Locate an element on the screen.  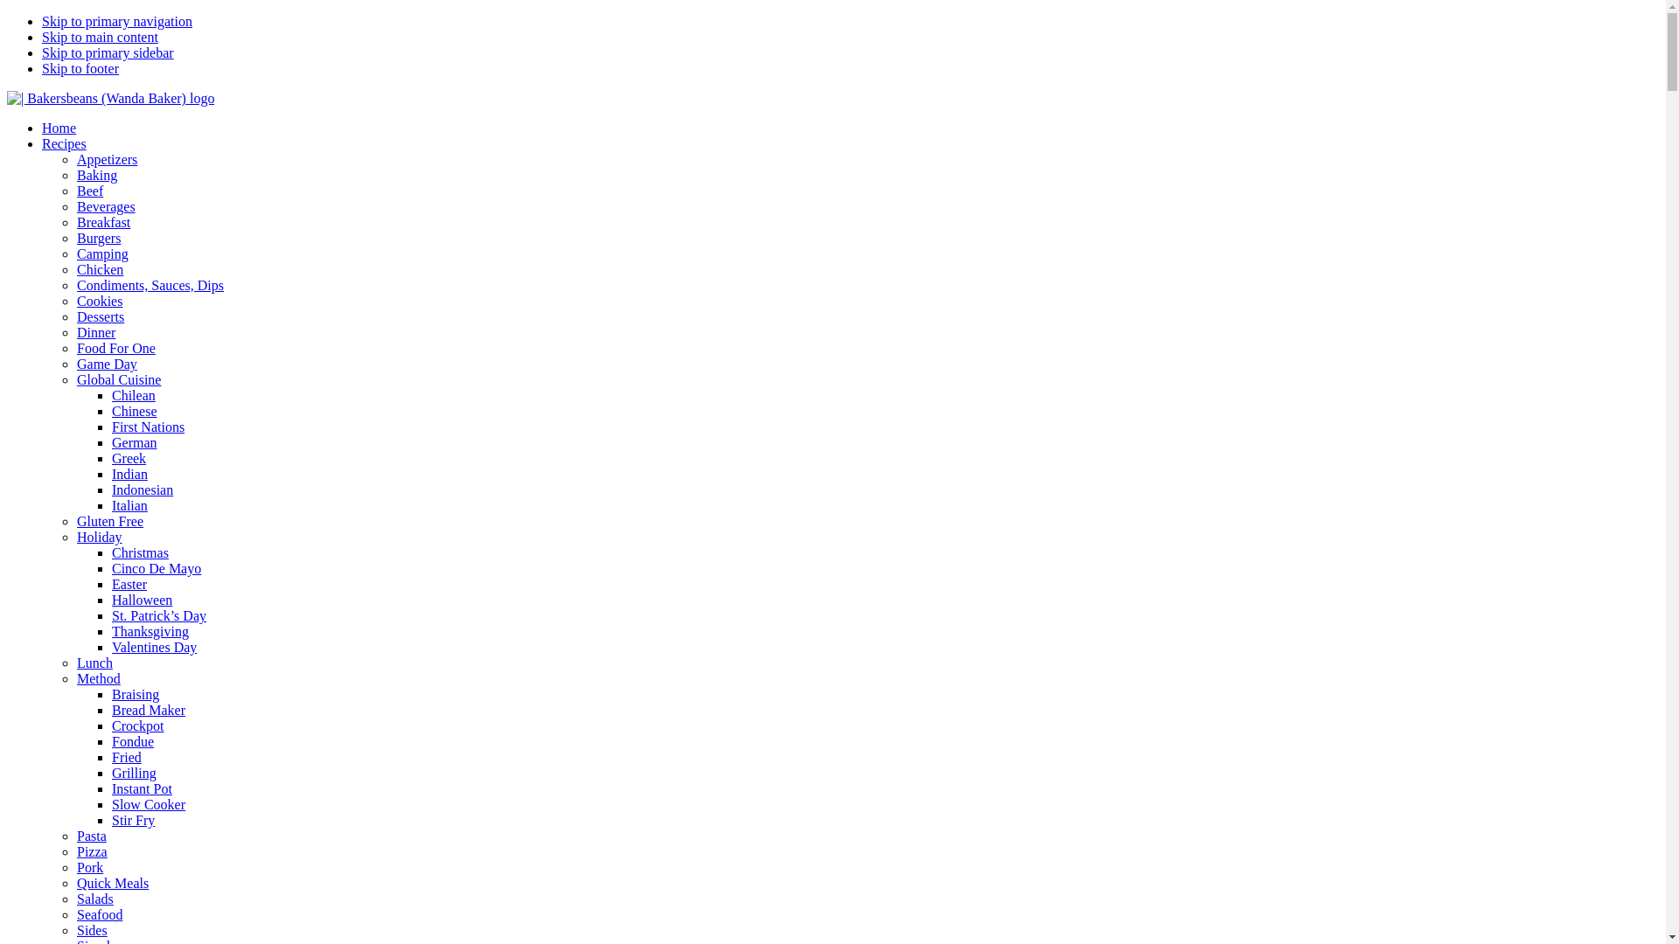
'Camping' is located at coordinates (101, 253).